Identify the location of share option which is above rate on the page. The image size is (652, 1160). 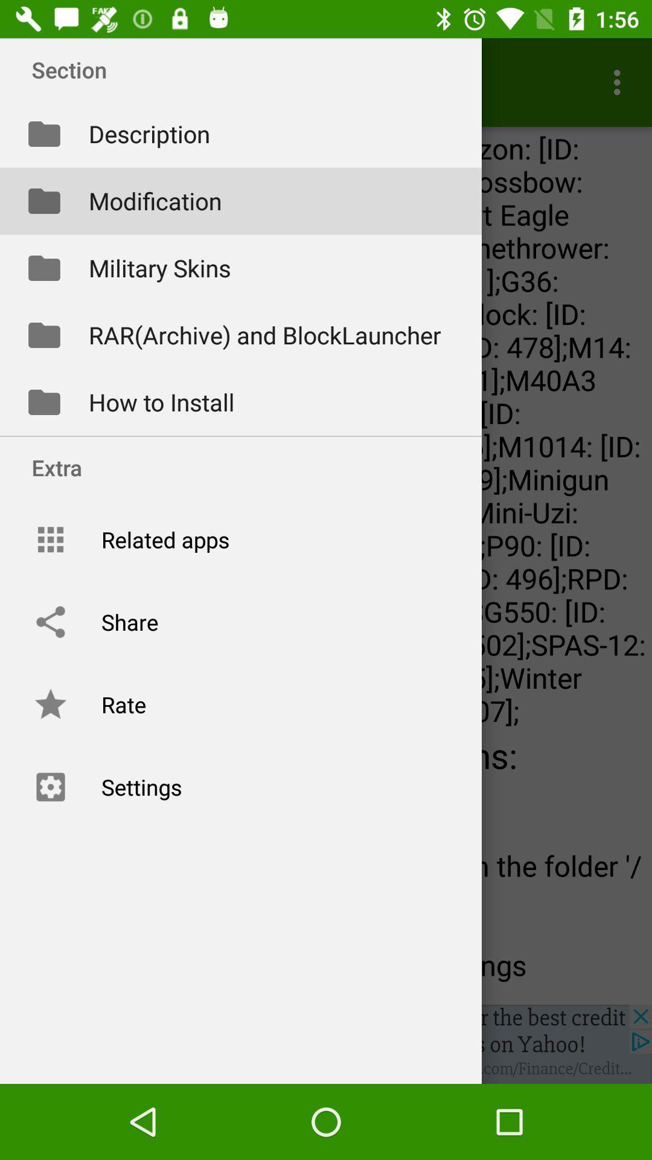
(240, 622).